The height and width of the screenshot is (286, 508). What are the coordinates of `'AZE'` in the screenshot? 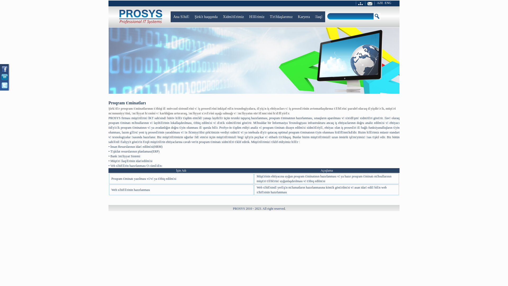 It's located at (380, 3).